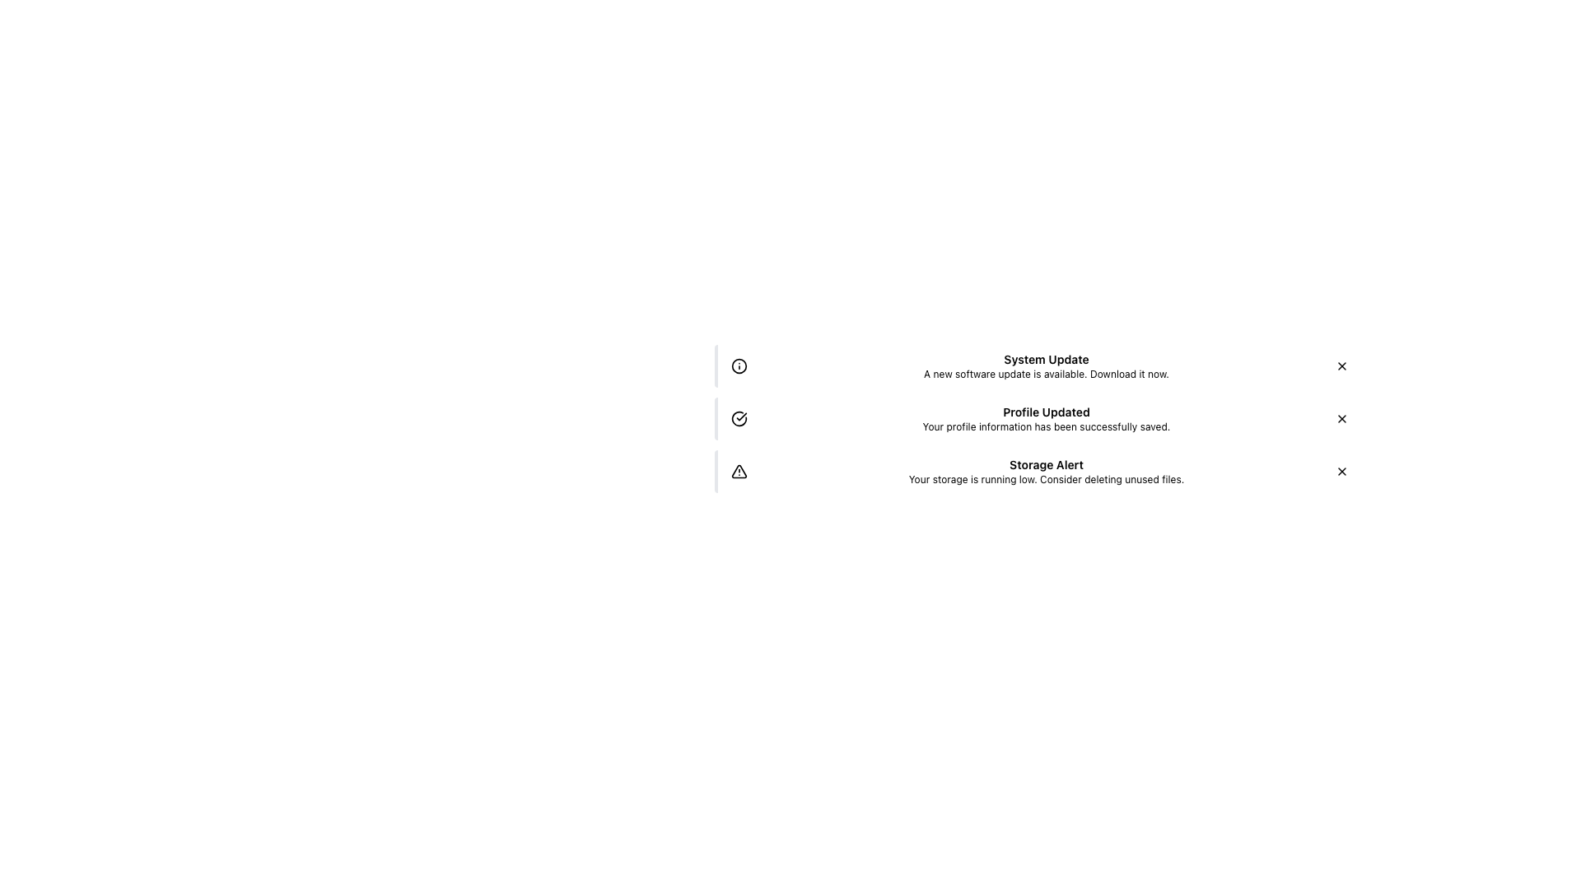 The height and width of the screenshot is (889, 1581). I want to click on the success icon in the second notification card, which indicates a successful action related to the notification, positioned above the text 'Profile Updated', so click(738, 418).